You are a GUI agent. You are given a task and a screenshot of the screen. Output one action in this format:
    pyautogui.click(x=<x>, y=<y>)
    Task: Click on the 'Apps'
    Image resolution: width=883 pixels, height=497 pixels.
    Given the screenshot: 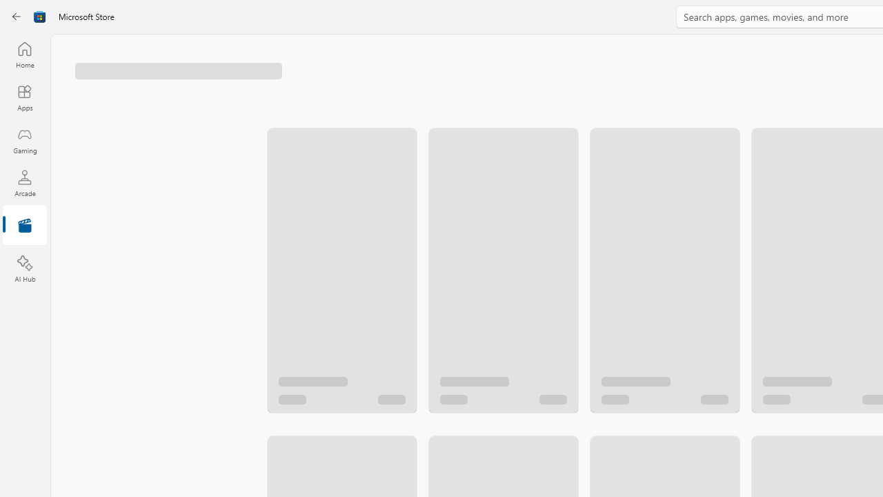 What is the action you would take?
    pyautogui.click(x=24, y=97)
    